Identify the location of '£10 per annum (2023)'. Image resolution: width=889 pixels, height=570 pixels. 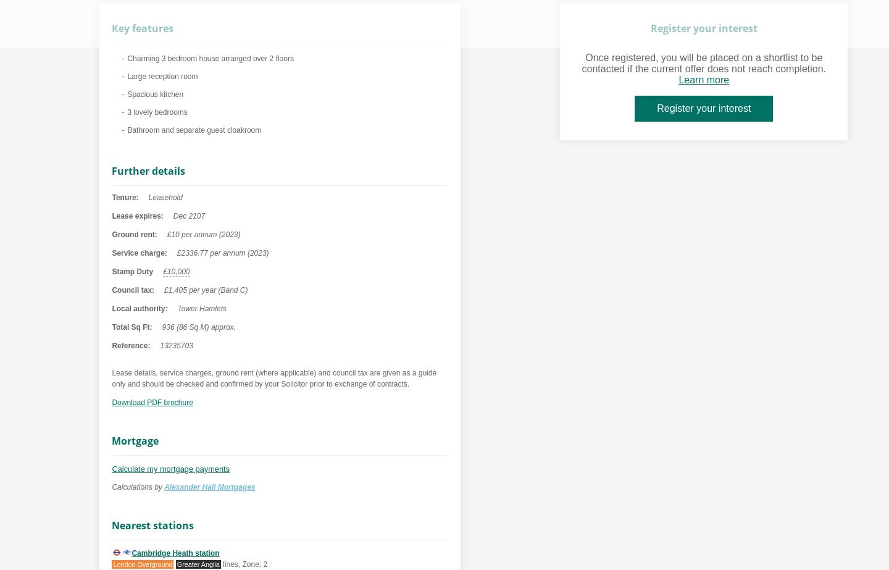
(203, 234).